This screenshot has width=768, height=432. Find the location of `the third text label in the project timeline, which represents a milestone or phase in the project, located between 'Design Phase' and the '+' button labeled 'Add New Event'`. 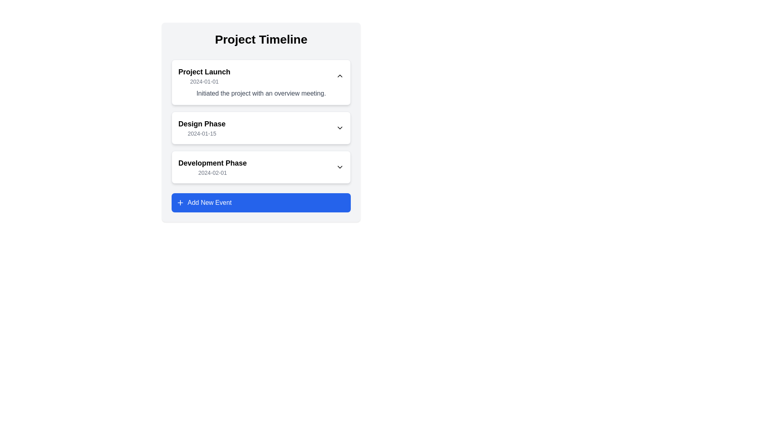

the third text label in the project timeline, which represents a milestone or phase in the project, located between 'Design Phase' and the '+' button labeled 'Add New Event' is located at coordinates (212, 166).